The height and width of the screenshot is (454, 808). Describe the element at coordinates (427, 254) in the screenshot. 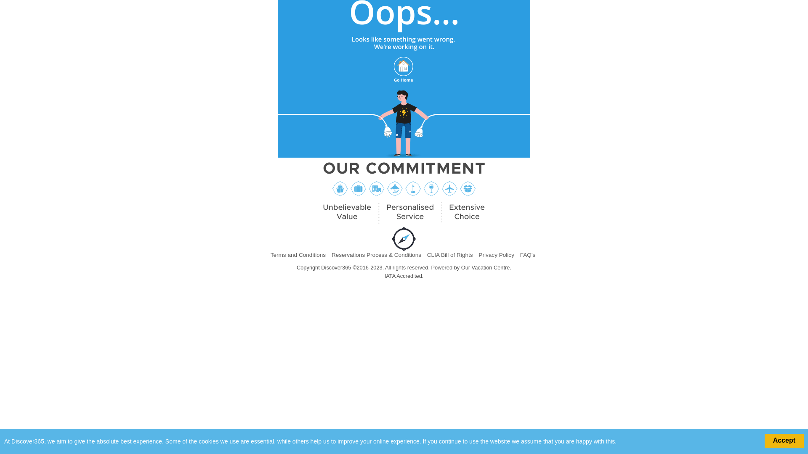

I see `'CLIA Bill of Rights'` at that location.